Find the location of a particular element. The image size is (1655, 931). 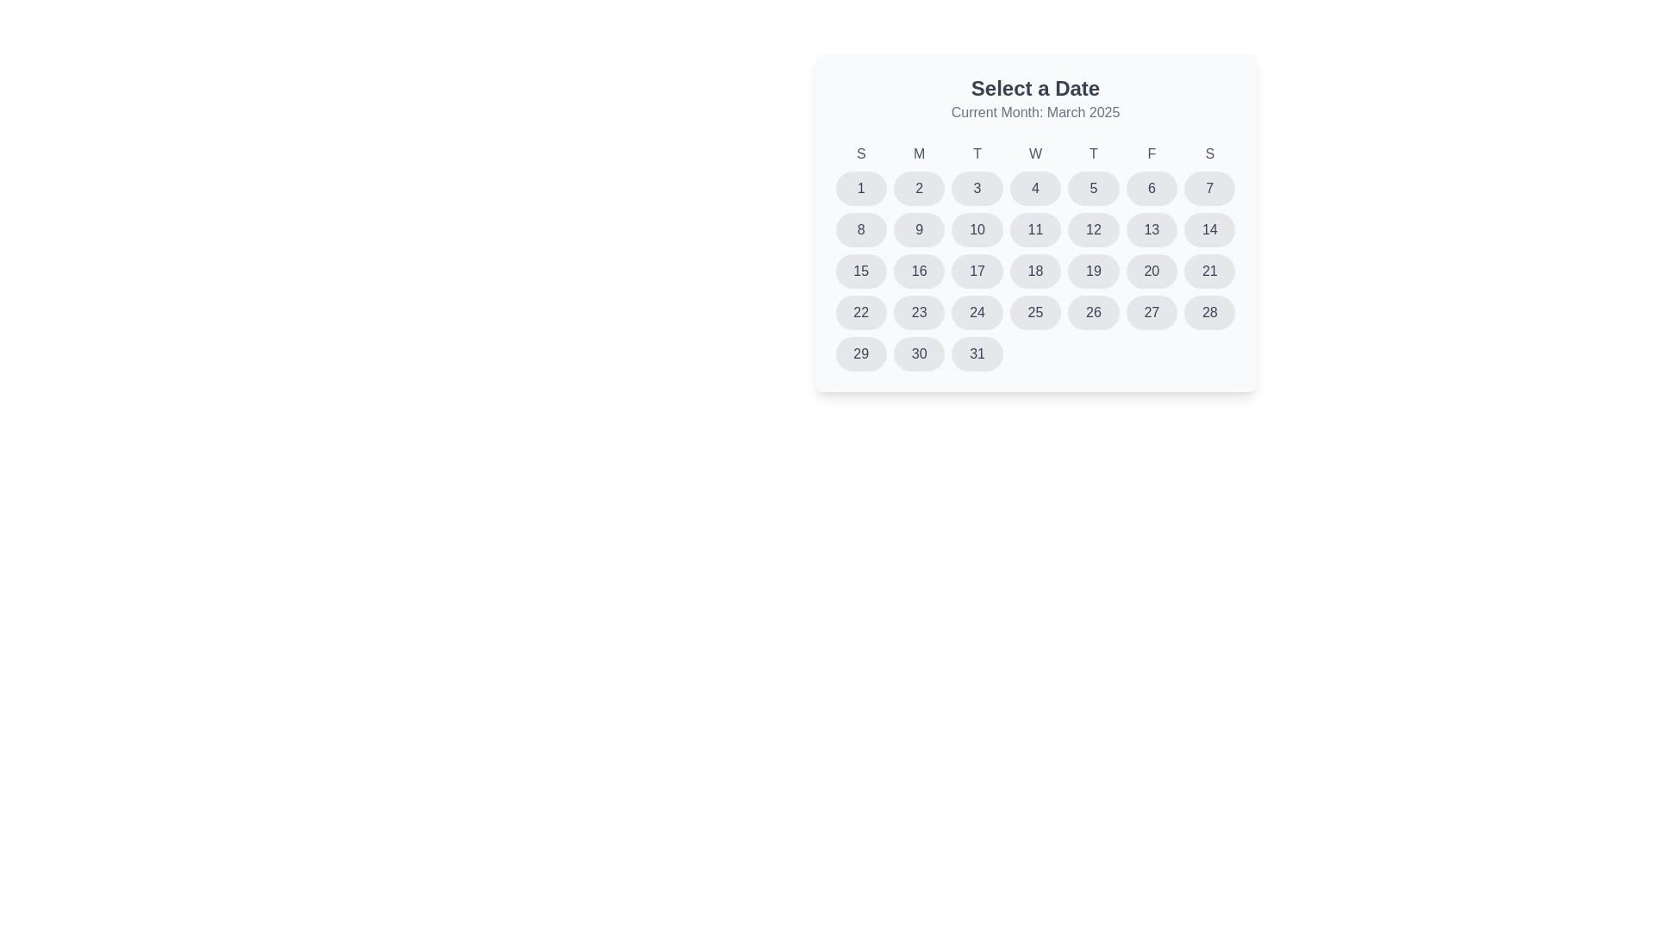

the button styled as a rounded rectangular tile with a gray background and the text '30' is located at coordinates (918, 353).